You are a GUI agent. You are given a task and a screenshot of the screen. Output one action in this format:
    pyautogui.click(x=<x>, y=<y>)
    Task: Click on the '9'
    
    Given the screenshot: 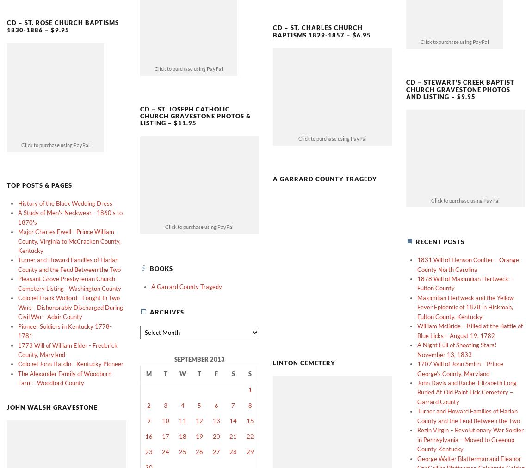 What is the action you would take?
    pyautogui.click(x=148, y=405)
    